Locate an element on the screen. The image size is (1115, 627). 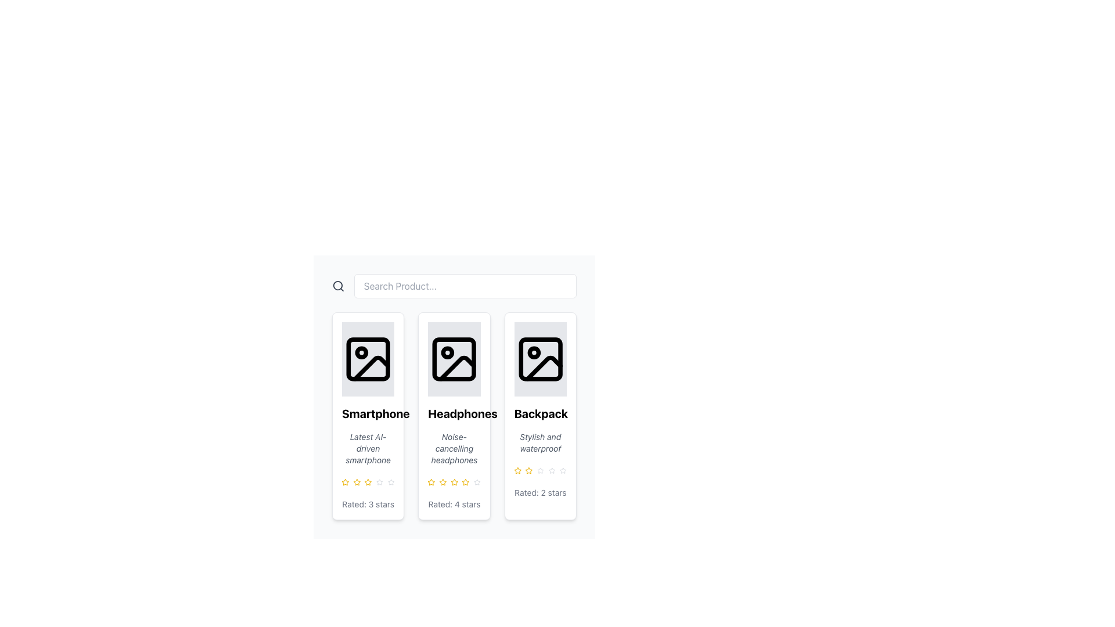
the interactive yellow star icon used for rating, located in the second card for the product 'Headphones', which is the third star in a group of five stars is located at coordinates (466, 482).